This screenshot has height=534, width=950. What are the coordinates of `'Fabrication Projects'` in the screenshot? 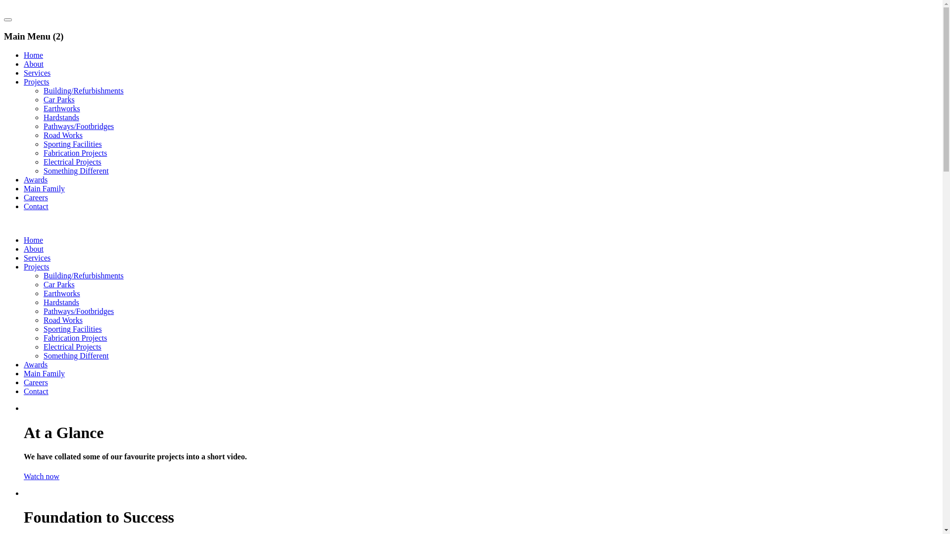 It's located at (75, 337).